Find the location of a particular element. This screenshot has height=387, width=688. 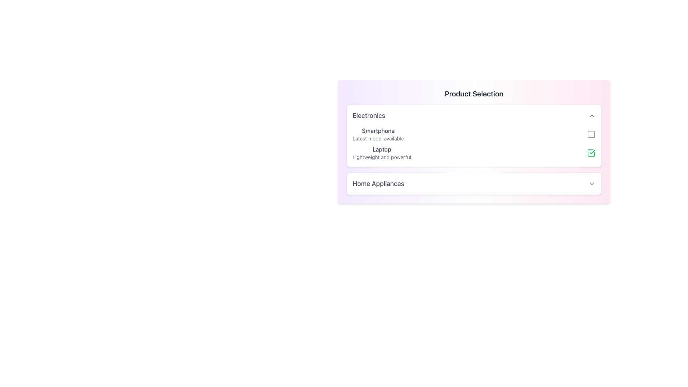

the Text Label providing availability information for the latest 'Smartphone' model, located directly below the 'Smartphone' text in the 'Electronics' section is located at coordinates (378, 138).